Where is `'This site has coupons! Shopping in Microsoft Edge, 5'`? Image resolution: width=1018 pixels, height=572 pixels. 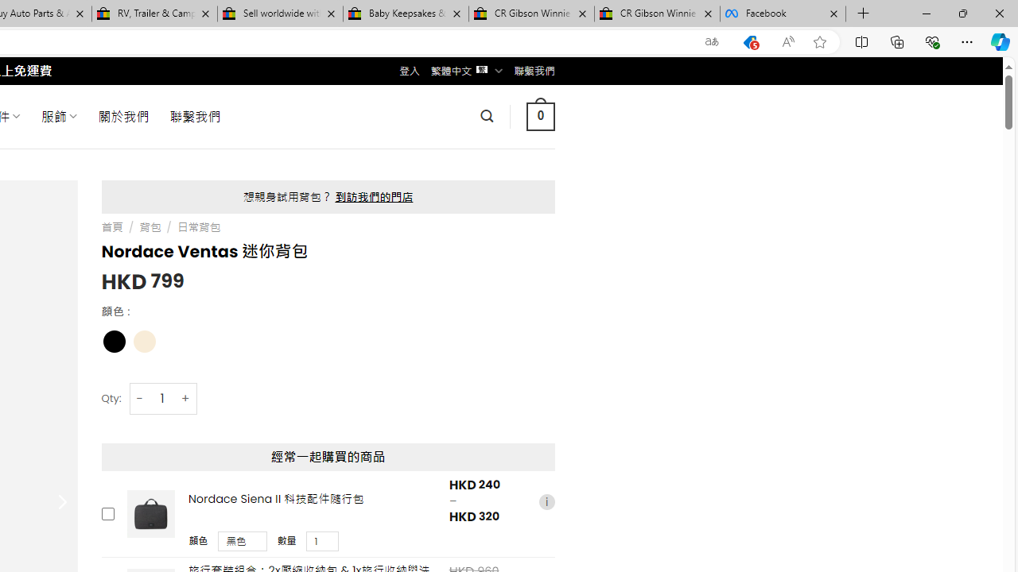
'This site has coupons! Shopping in Microsoft Edge, 5' is located at coordinates (749, 41).